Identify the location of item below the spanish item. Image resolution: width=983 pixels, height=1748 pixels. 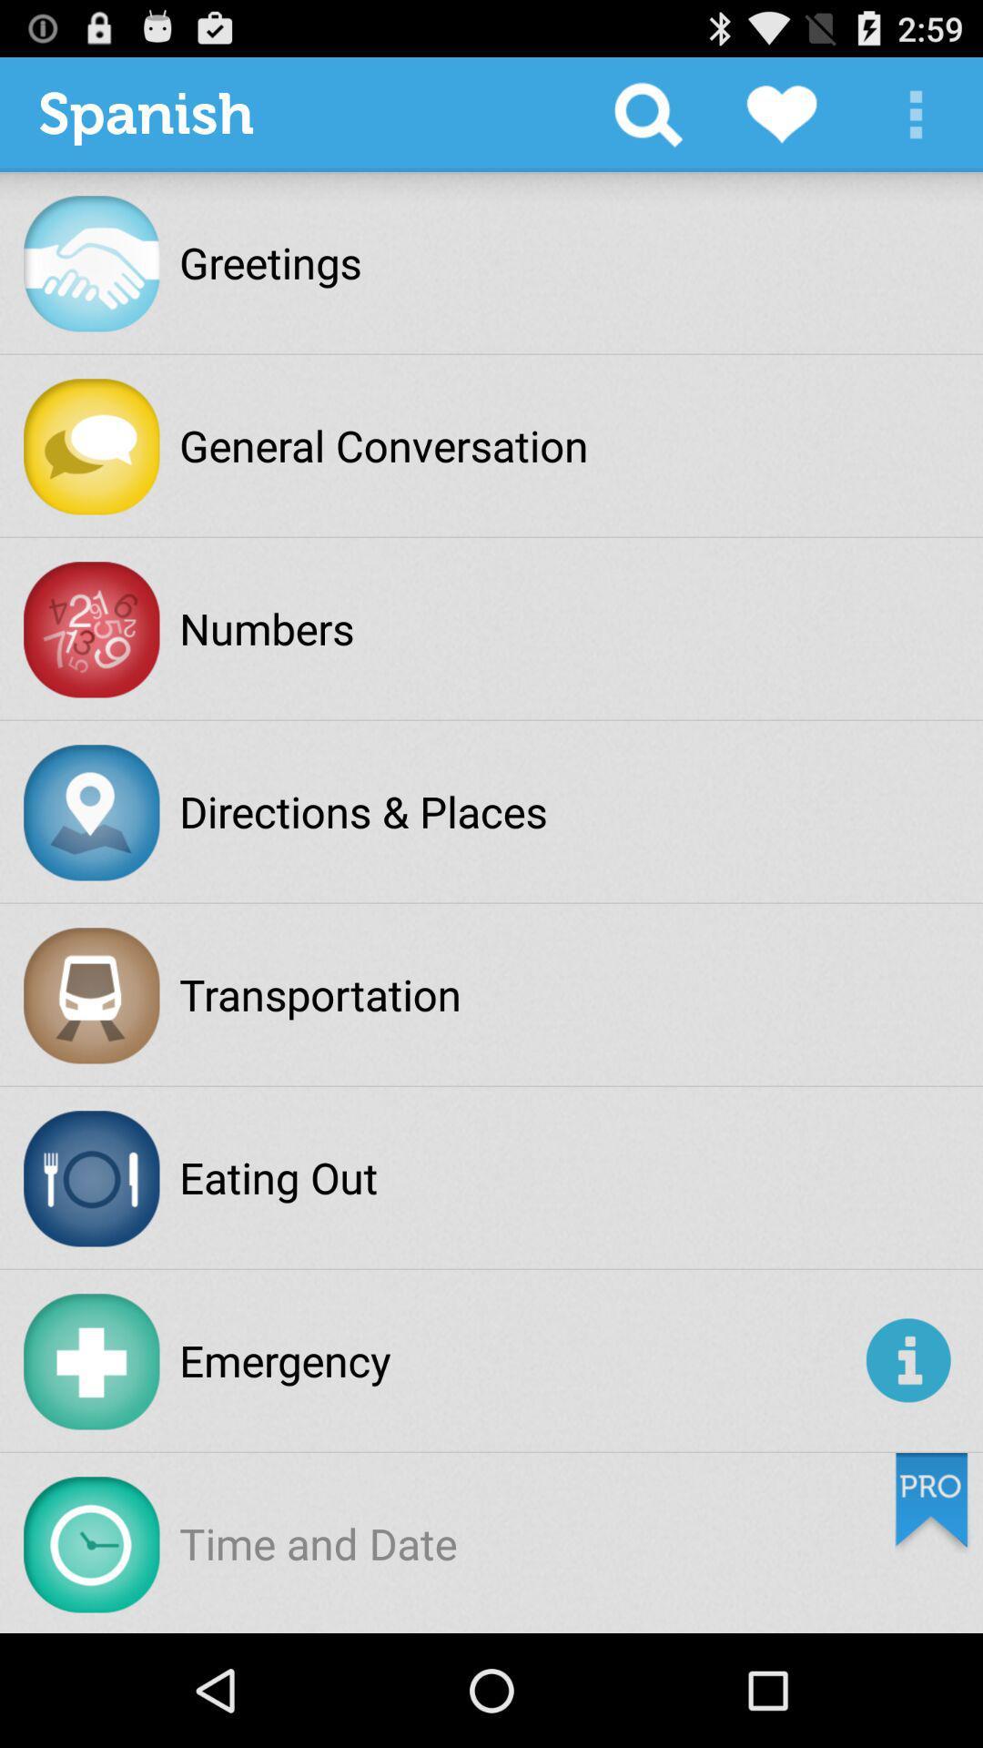
(270, 261).